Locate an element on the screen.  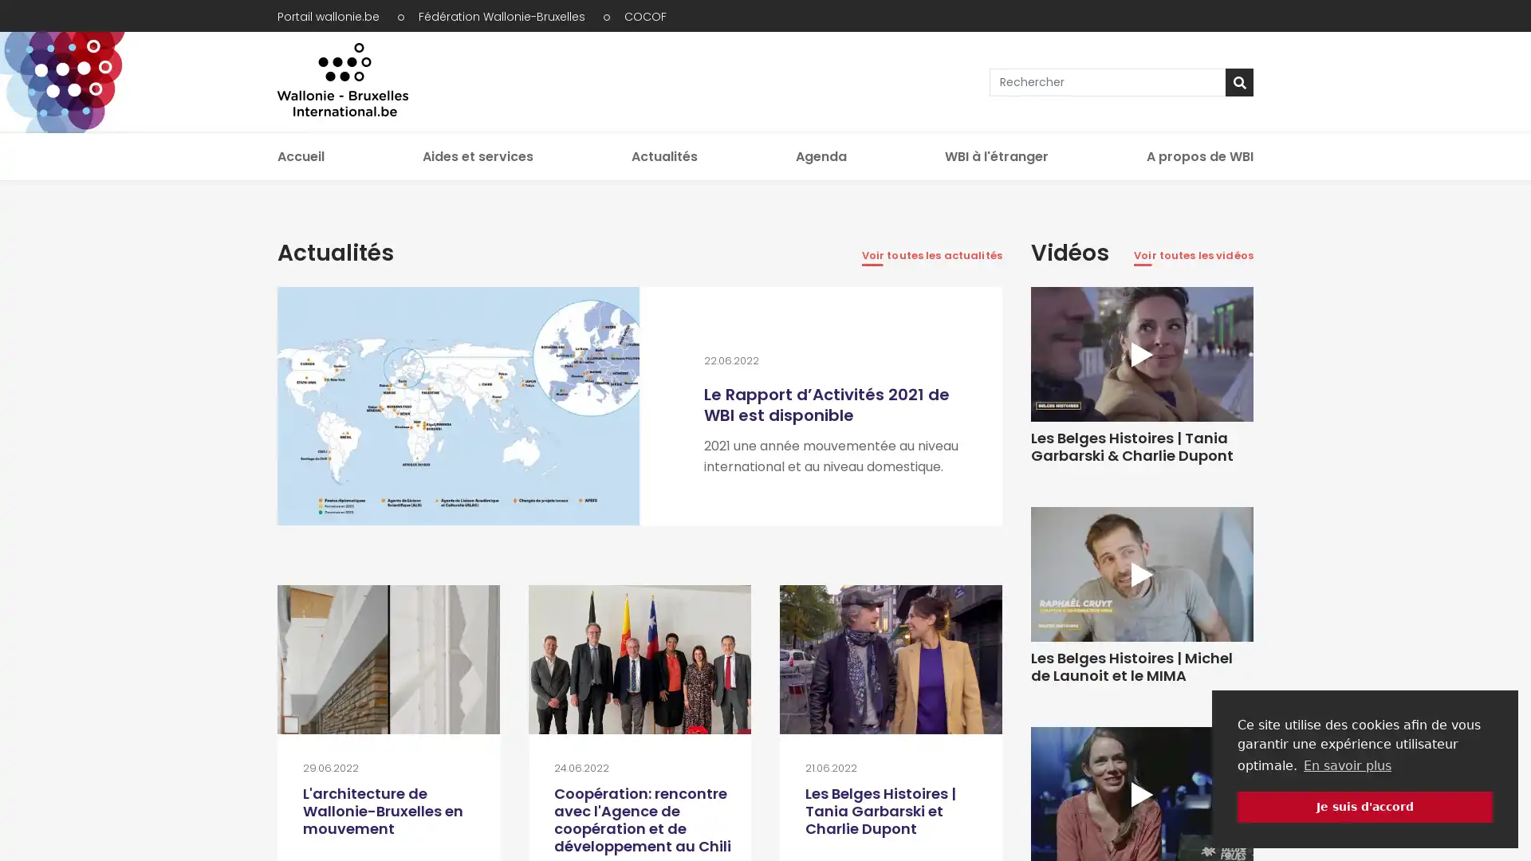
learn more about cookies is located at coordinates (1346, 765).